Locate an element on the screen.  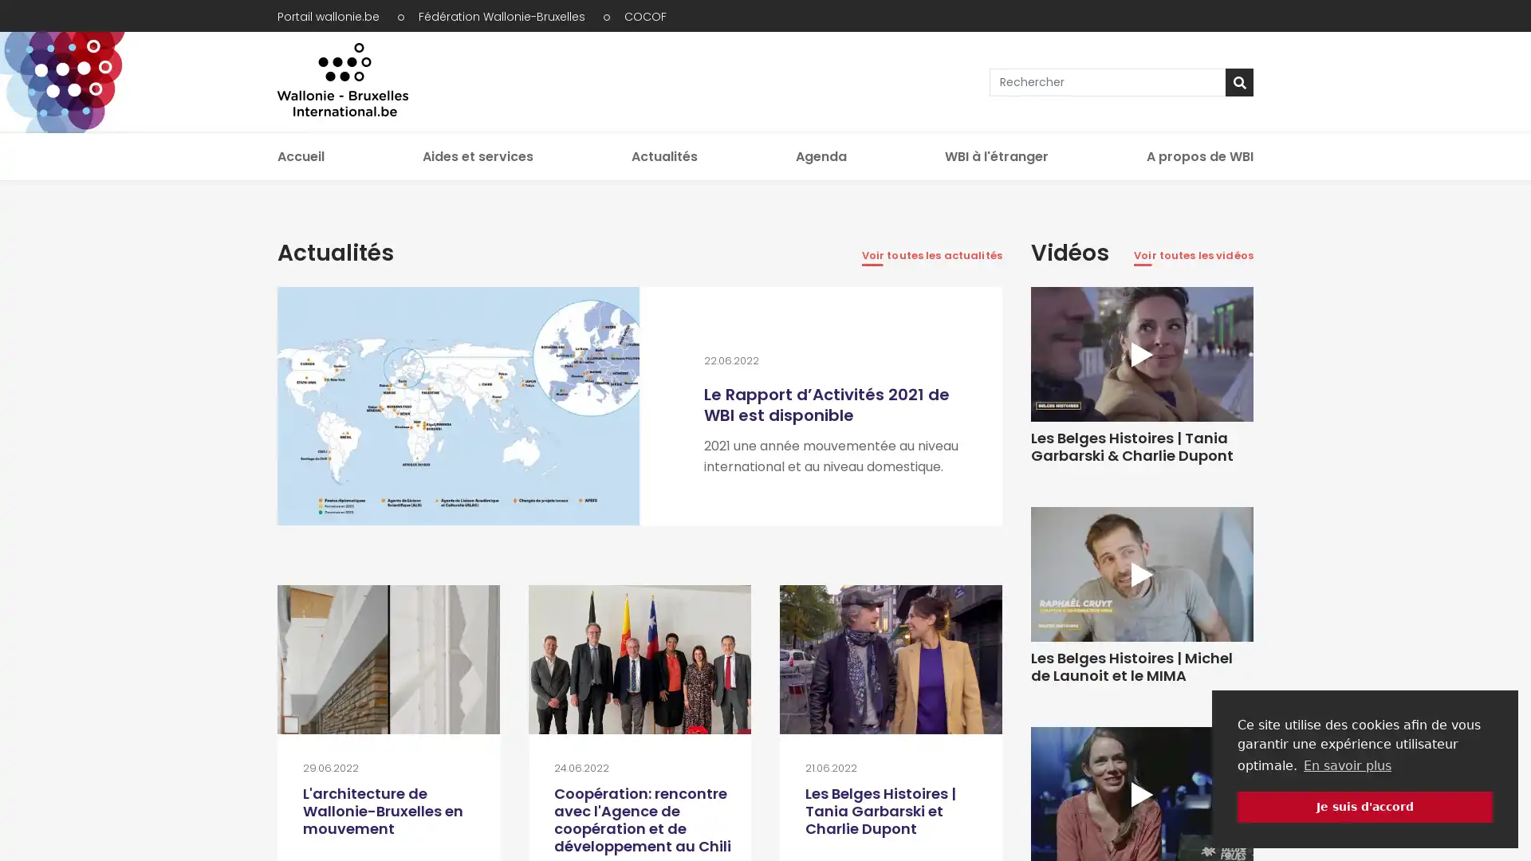
learn more about cookies is located at coordinates (1346, 765).